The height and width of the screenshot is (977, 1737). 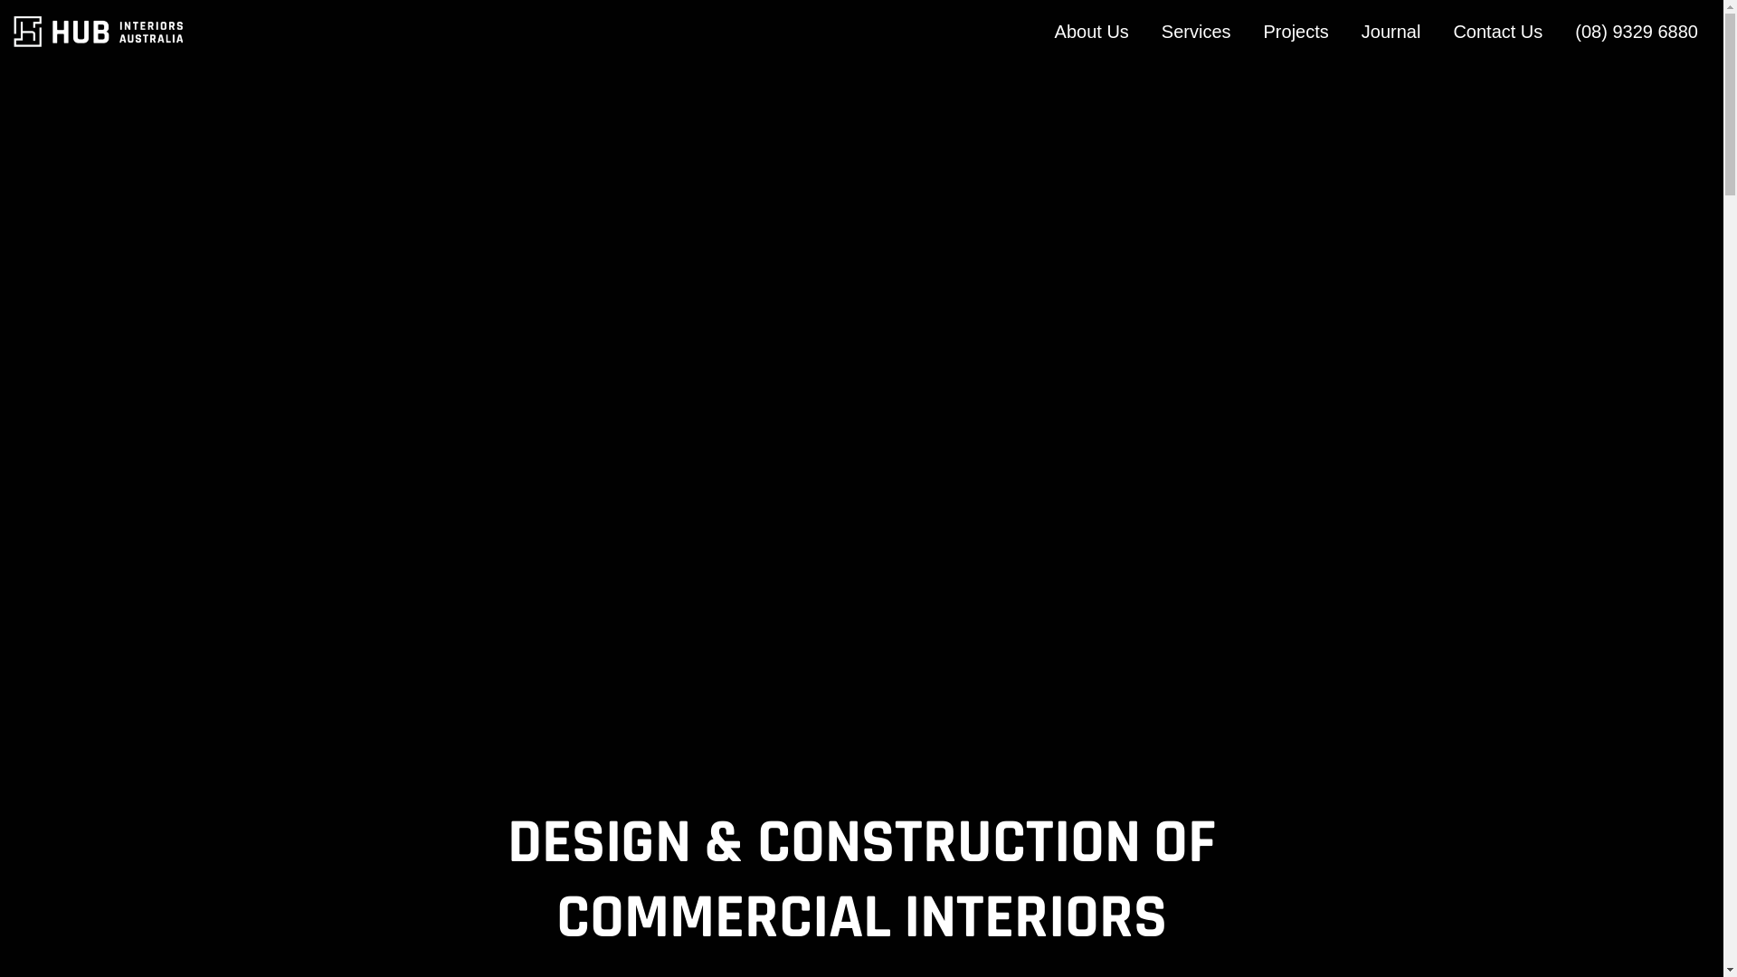 What do you see at coordinates (98, 31) in the screenshot?
I see `'Hub Interiors'` at bounding box center [98, 31].